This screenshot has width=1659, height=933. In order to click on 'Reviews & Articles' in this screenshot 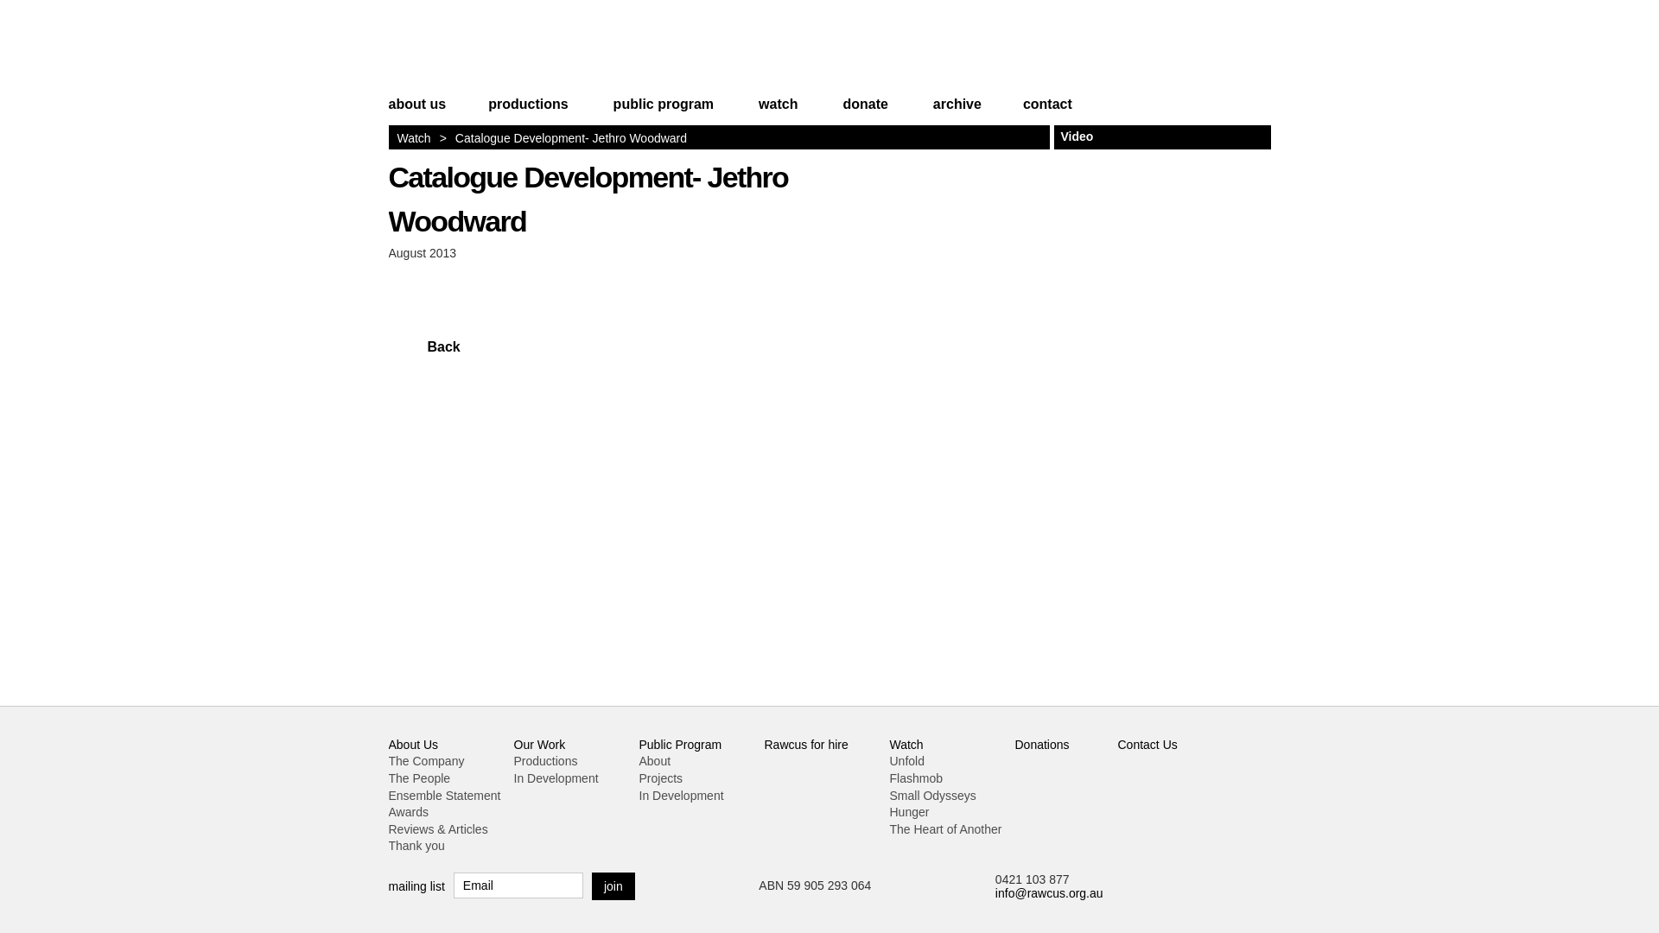, I will do `click(438, 828)`.